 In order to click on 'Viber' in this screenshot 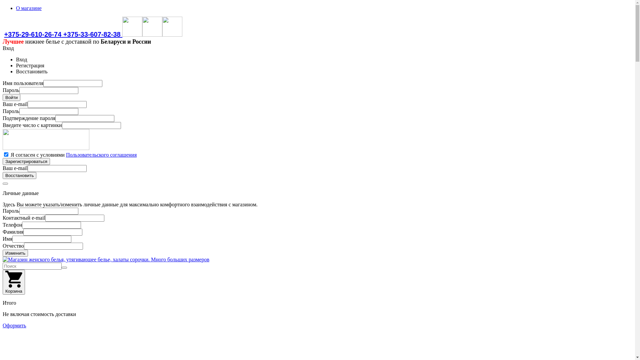, I will do `click(132, 34)`.